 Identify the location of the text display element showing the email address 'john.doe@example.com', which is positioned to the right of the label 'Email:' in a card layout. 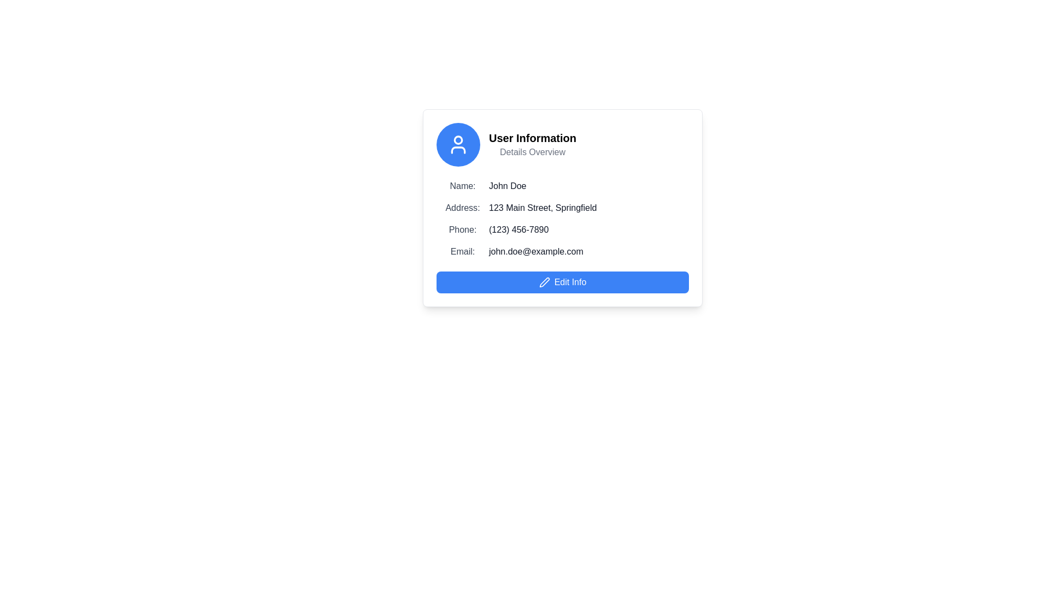
(536, 252).